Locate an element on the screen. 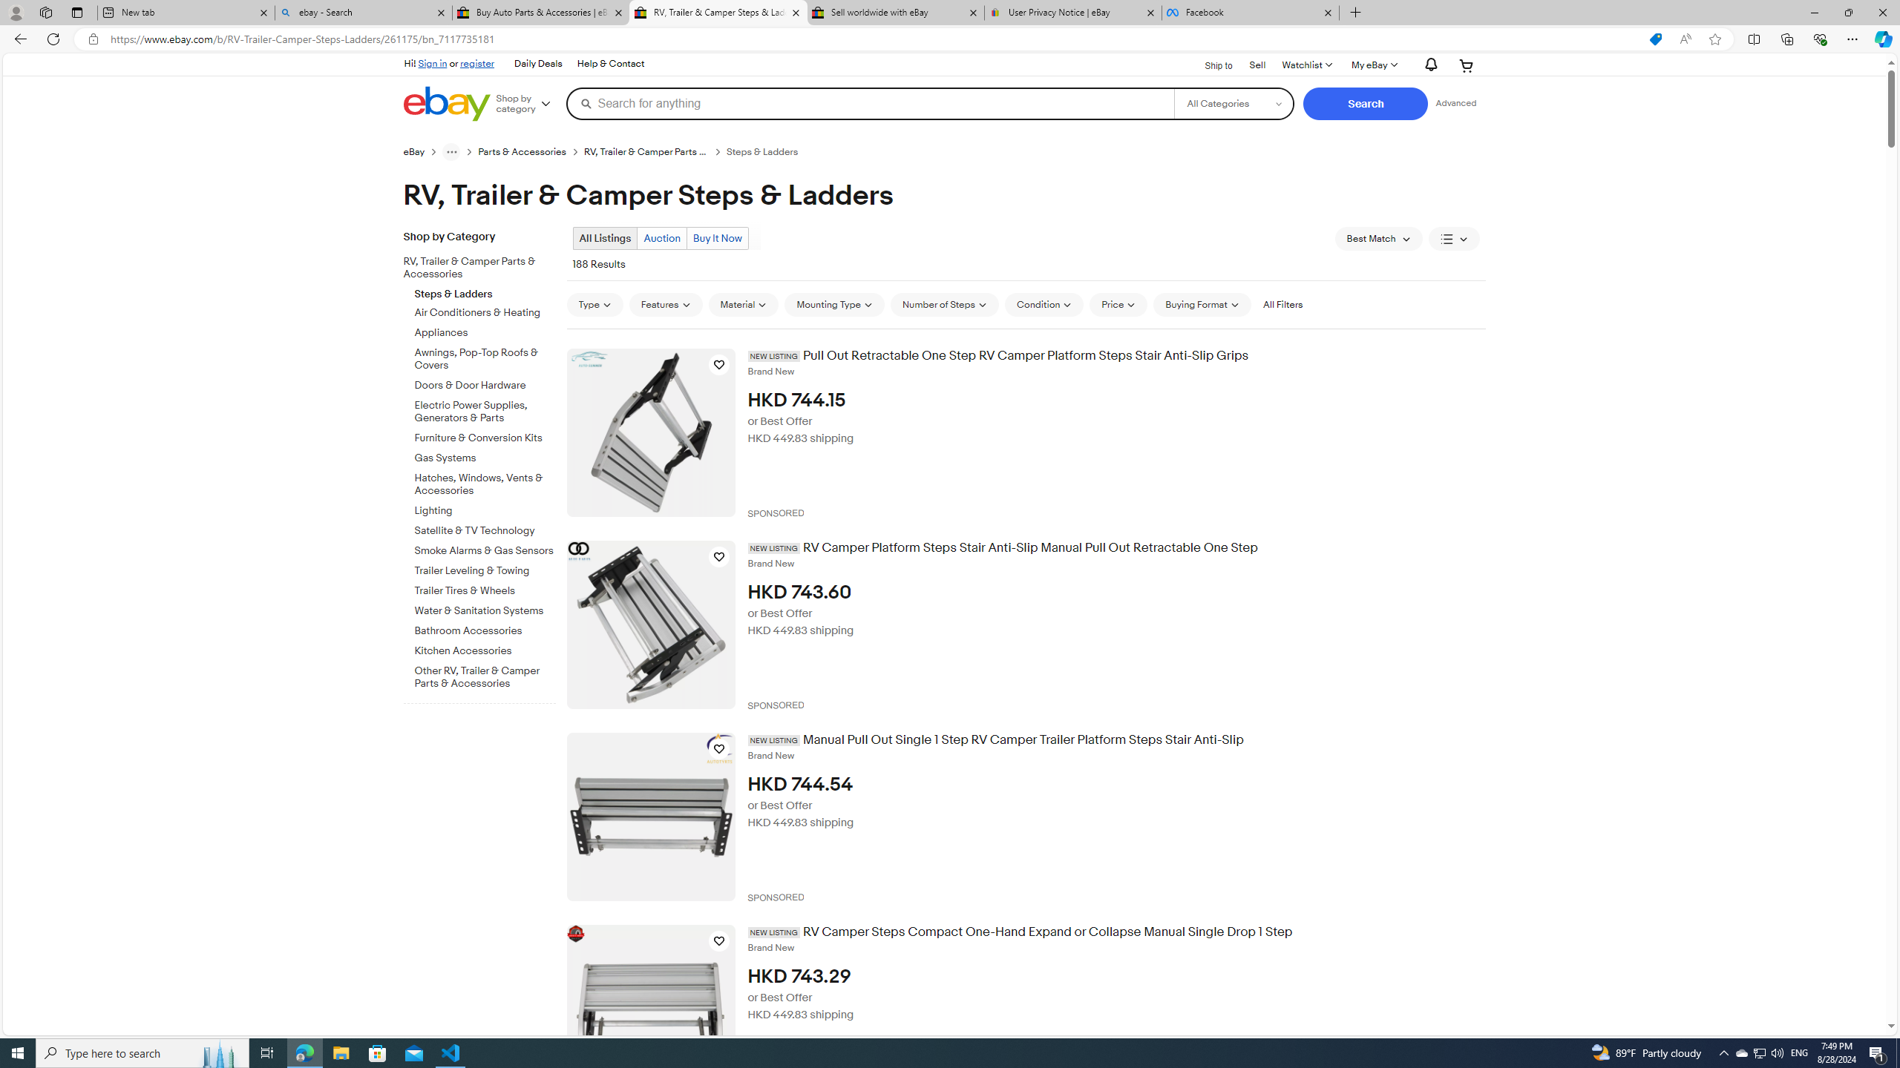 The height and width of the screenshot is (1068, 1900). 'Bathroom Accessories' is located at coordinates (485, 627).